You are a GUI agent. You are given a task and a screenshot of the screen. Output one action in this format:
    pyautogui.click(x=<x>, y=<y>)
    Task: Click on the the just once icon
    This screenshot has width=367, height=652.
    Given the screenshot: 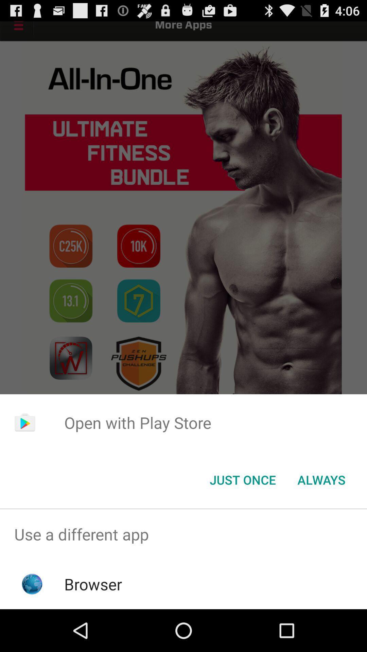 What is the action you would take?
    pyautogui.click(x=242, y=479)
    